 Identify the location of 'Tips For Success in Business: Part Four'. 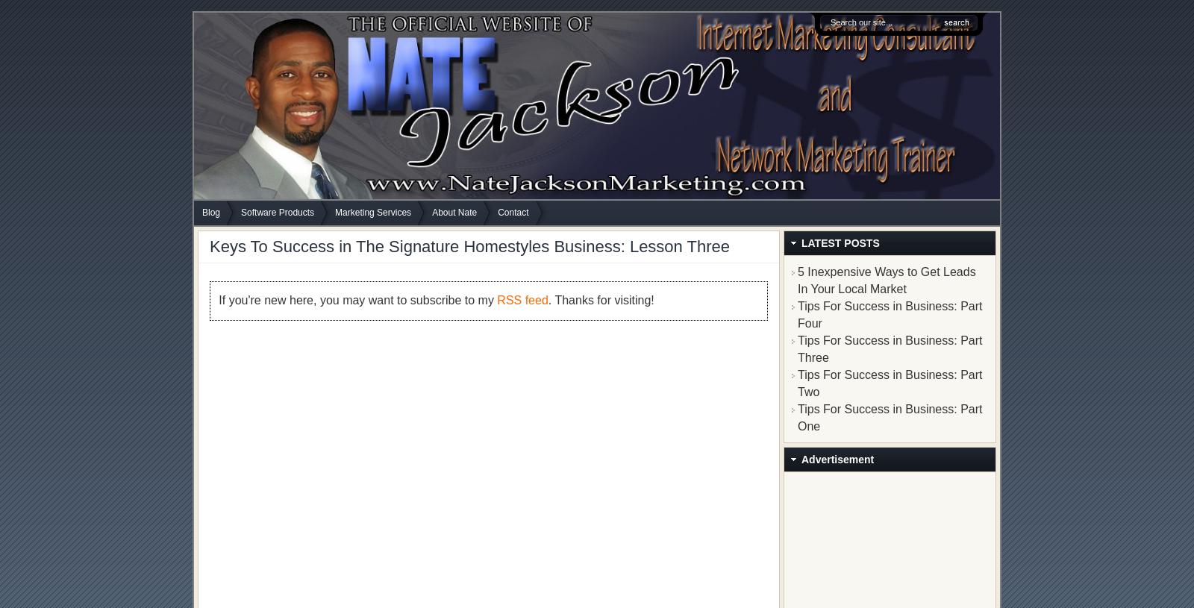
(890, 315).